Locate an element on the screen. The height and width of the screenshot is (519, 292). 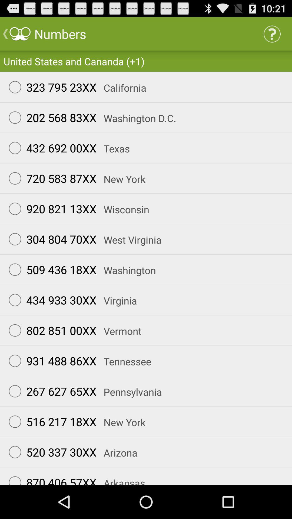
radio button below 432 692 00xx icon is located at coordinates (50, 178).